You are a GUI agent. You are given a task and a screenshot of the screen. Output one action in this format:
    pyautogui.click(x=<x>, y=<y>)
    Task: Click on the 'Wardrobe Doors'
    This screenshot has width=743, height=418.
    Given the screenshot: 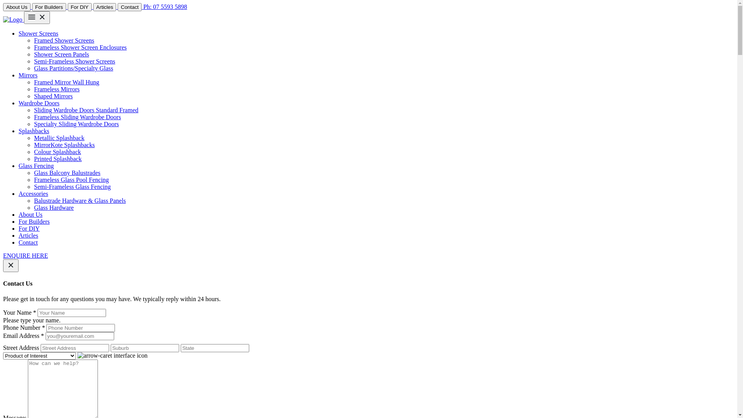 What is the action you would take?
    pyautogui.click(x=19, y=103)
    